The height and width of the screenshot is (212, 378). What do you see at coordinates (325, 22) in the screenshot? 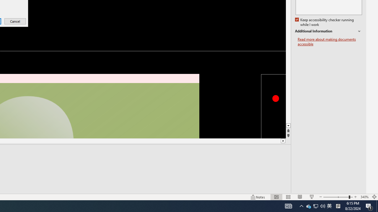
I see `'Keep accessibility checker running while I work'` at bounding box center [325, 22].